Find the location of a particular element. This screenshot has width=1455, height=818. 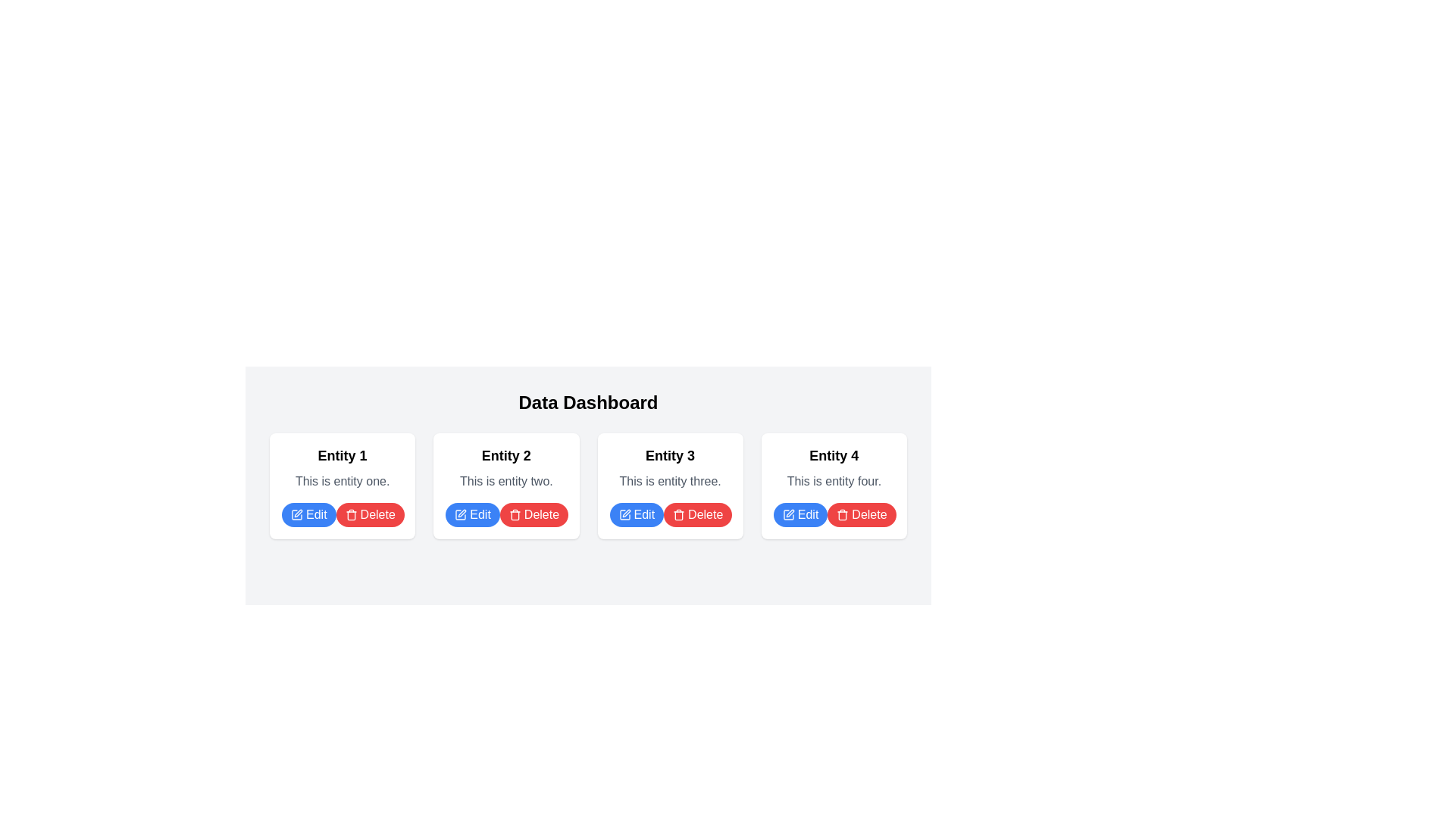

text label that serves as the title of the fourth card in the collection, located at the top of the card beneath the 'Data Dashboard' heading is located at coordinates (833, 454).